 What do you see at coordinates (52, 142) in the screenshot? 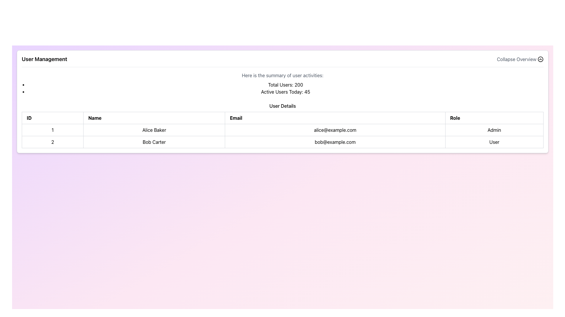
I see `the table cell displaying the text '2' to highlight the entire row it belongs to` at bounding box center [52, 142].